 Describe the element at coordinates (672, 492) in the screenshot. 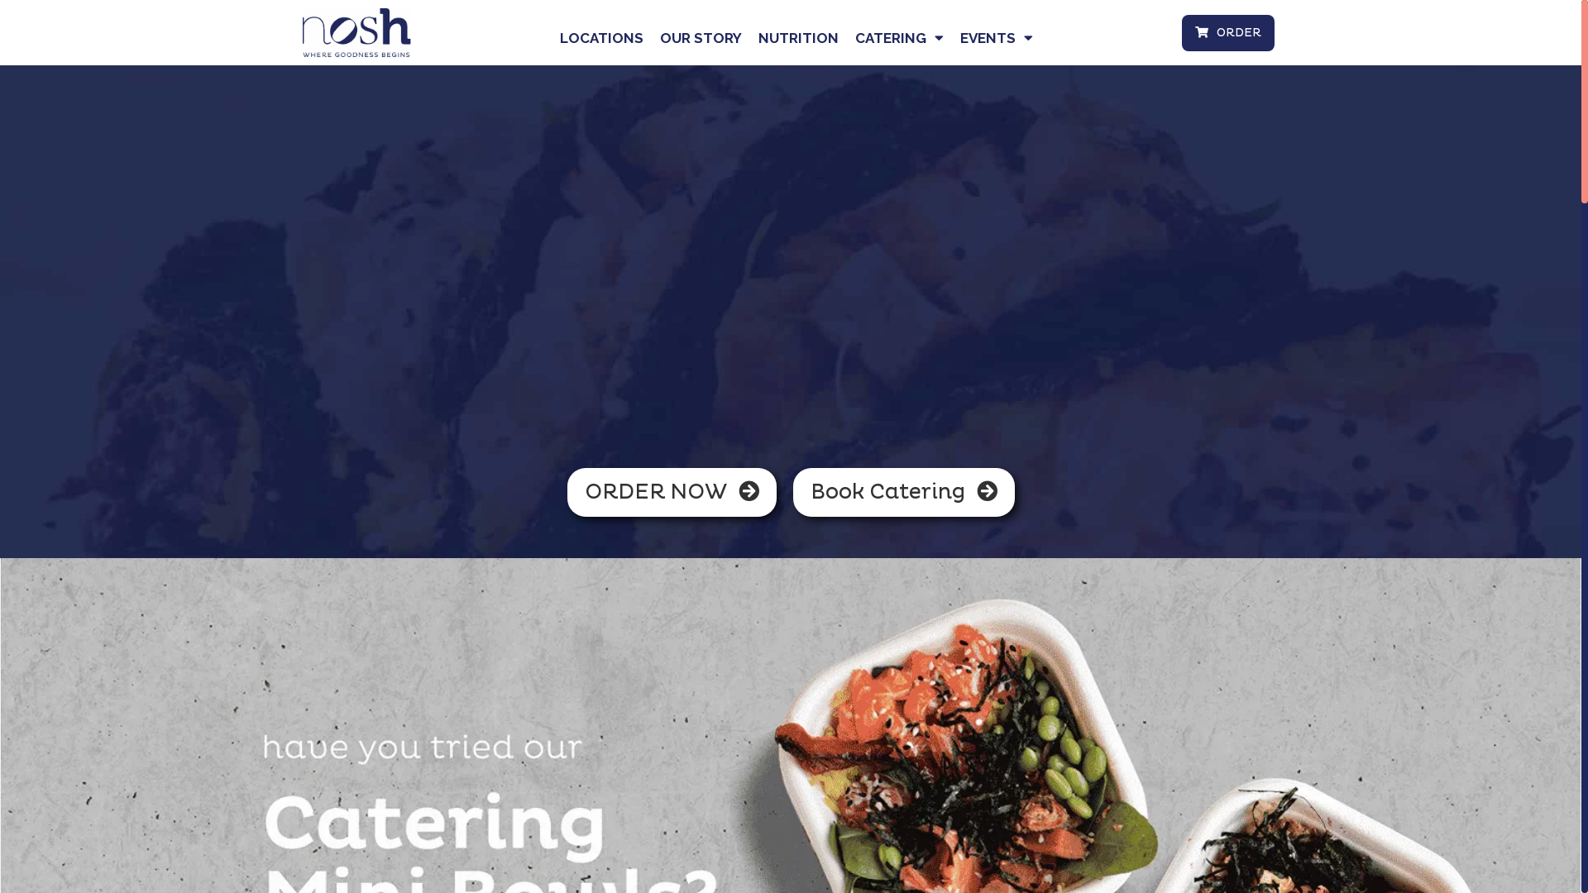

I see `'ORDER NOW'` at that location.